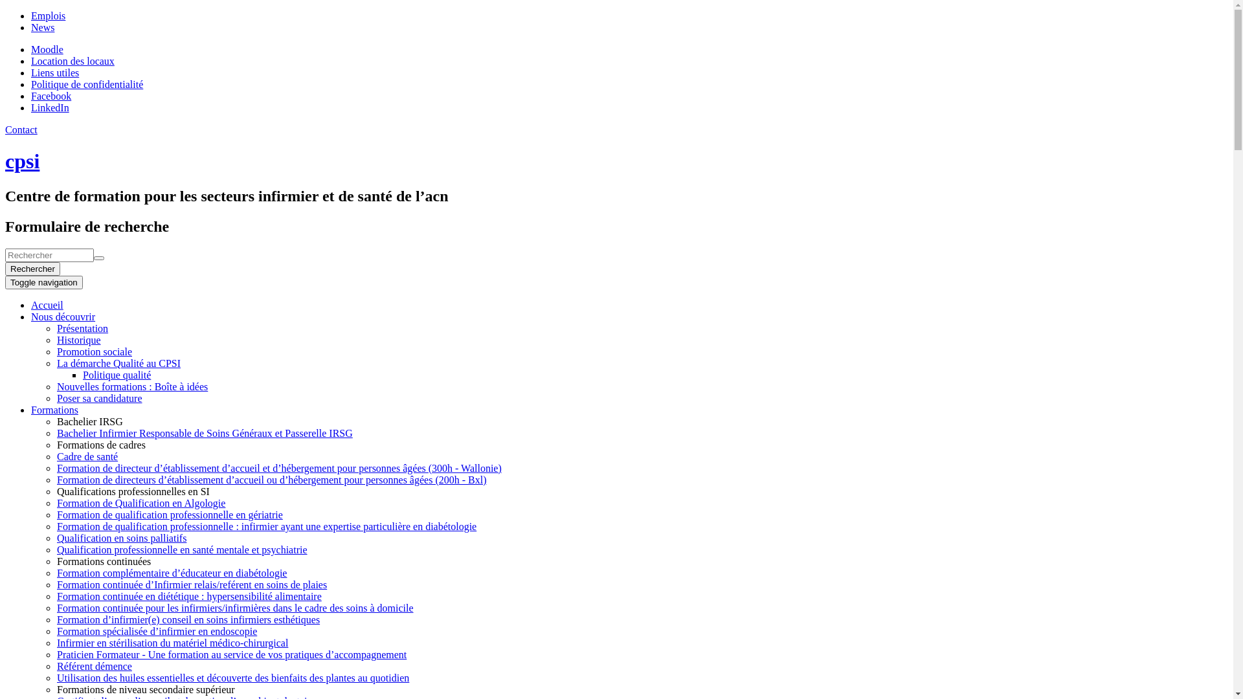  I want to click on 'Contact', so click(5, 129).